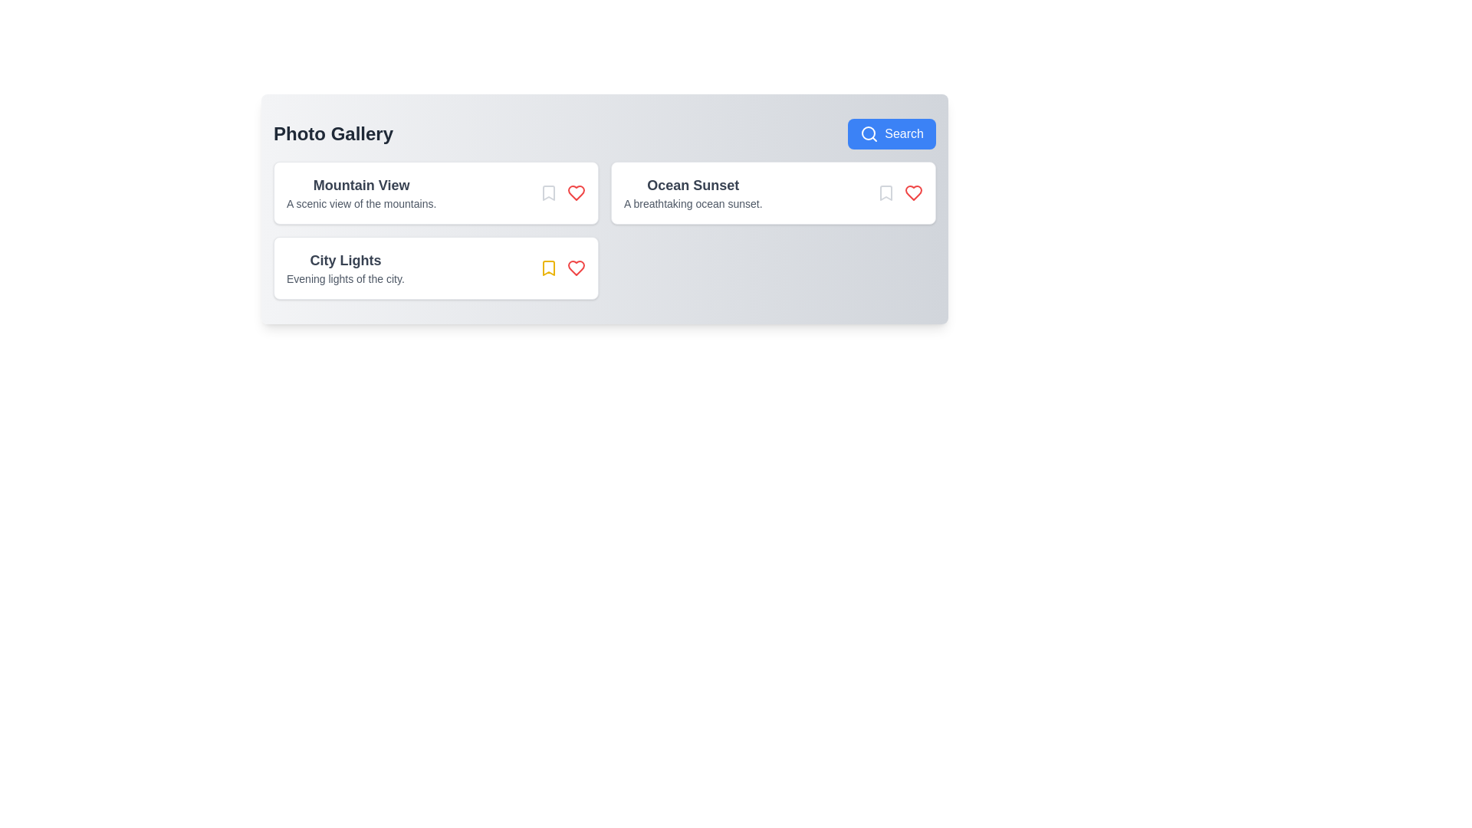 The width and height of the screenshot is (1472, 828). What do you see at coordinates (913, 192) in the screenshot?
I see `heart icon for the photo titled Ocean Sunset to indicate preference` at bounding box center [913, 192].